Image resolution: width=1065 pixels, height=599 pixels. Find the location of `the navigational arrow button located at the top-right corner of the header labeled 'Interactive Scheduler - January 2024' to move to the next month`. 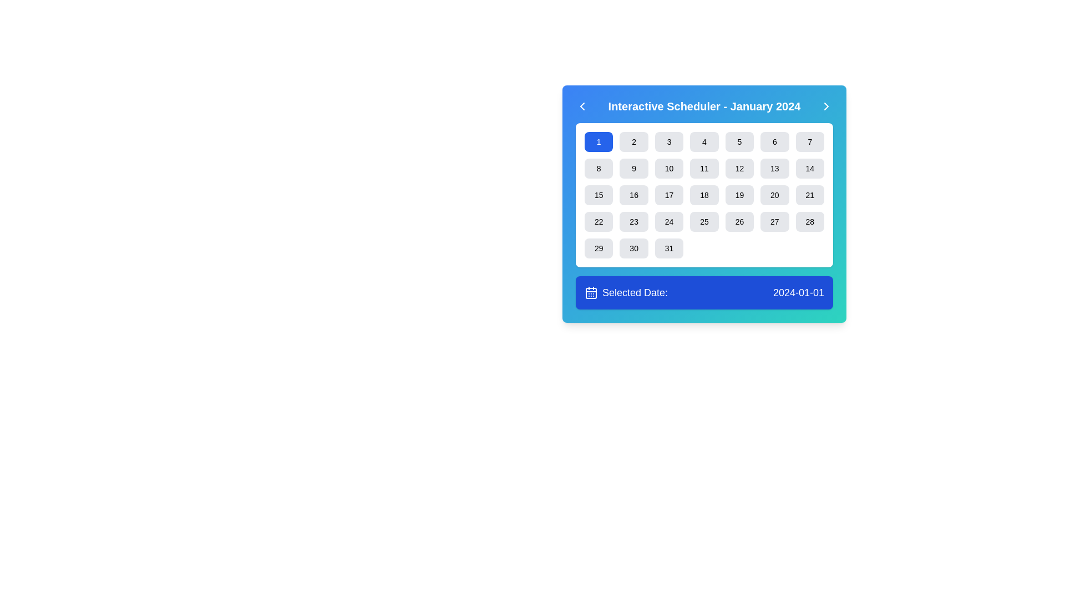

the navigational arrow button located at the top-right corner of the header labeled 'Interactive Scheduler - January 2024' to move to the next month is located at coordinates (826, 106).